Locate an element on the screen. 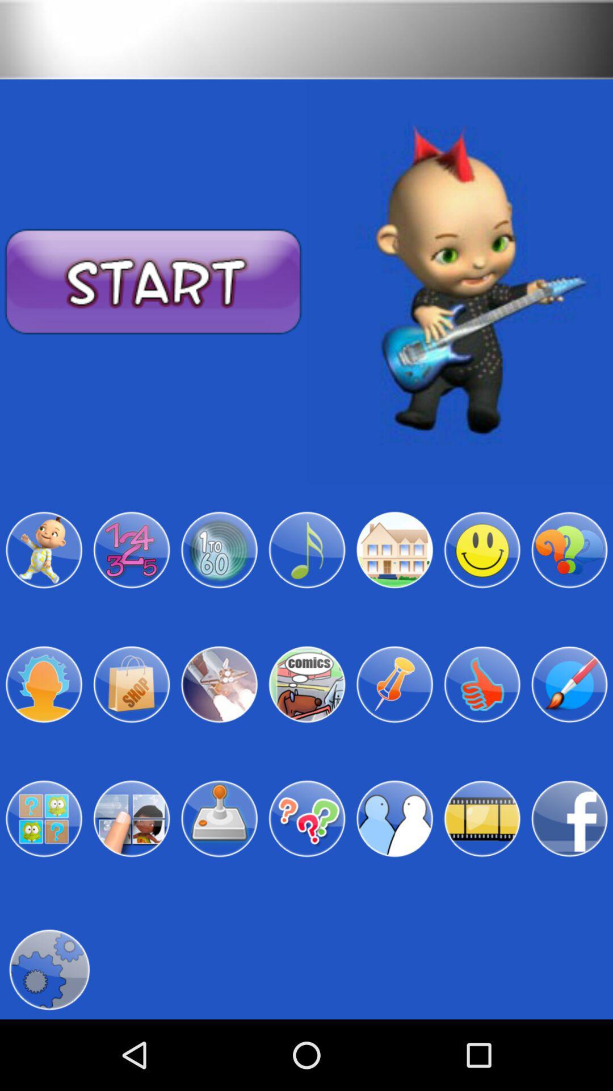 The height and width of the screenshot is (1091, 613). smile emoji is located at coordinates (482, 550).